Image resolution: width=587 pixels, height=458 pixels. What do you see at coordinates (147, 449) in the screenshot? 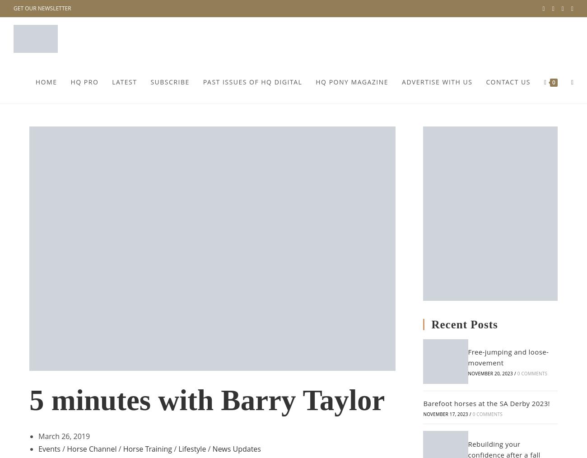
I see `'Horse Training'` at bounding box center [147, 449].